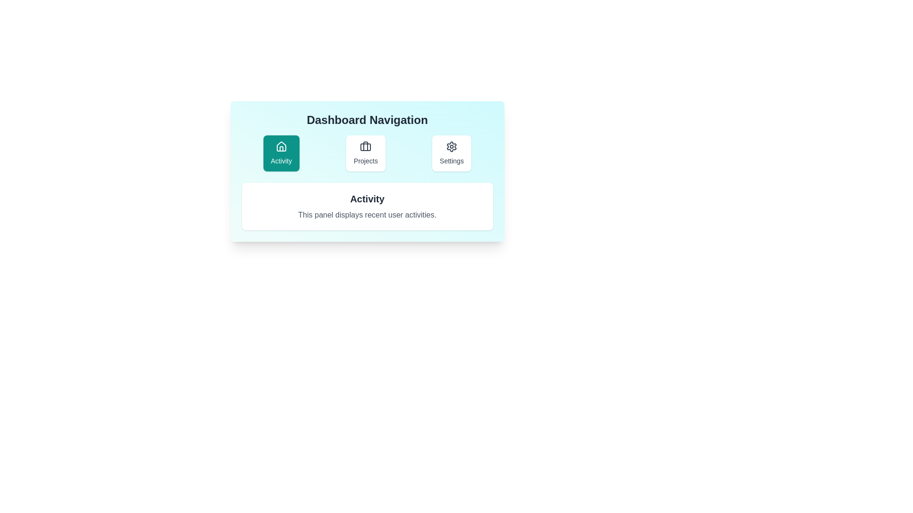 The height and width of the screenshot is (513, 913). I want to click on the 'Projects' button, which features an icon that symbolizes project management functionalities, so click(365, 146).